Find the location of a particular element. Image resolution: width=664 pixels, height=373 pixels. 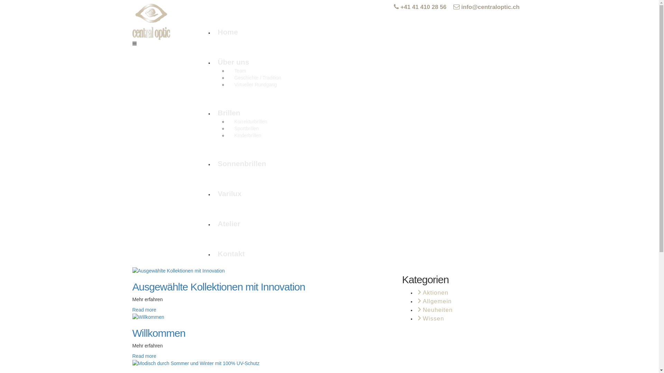

'Korrekturbrillen' is located at coordinates (250, 121).